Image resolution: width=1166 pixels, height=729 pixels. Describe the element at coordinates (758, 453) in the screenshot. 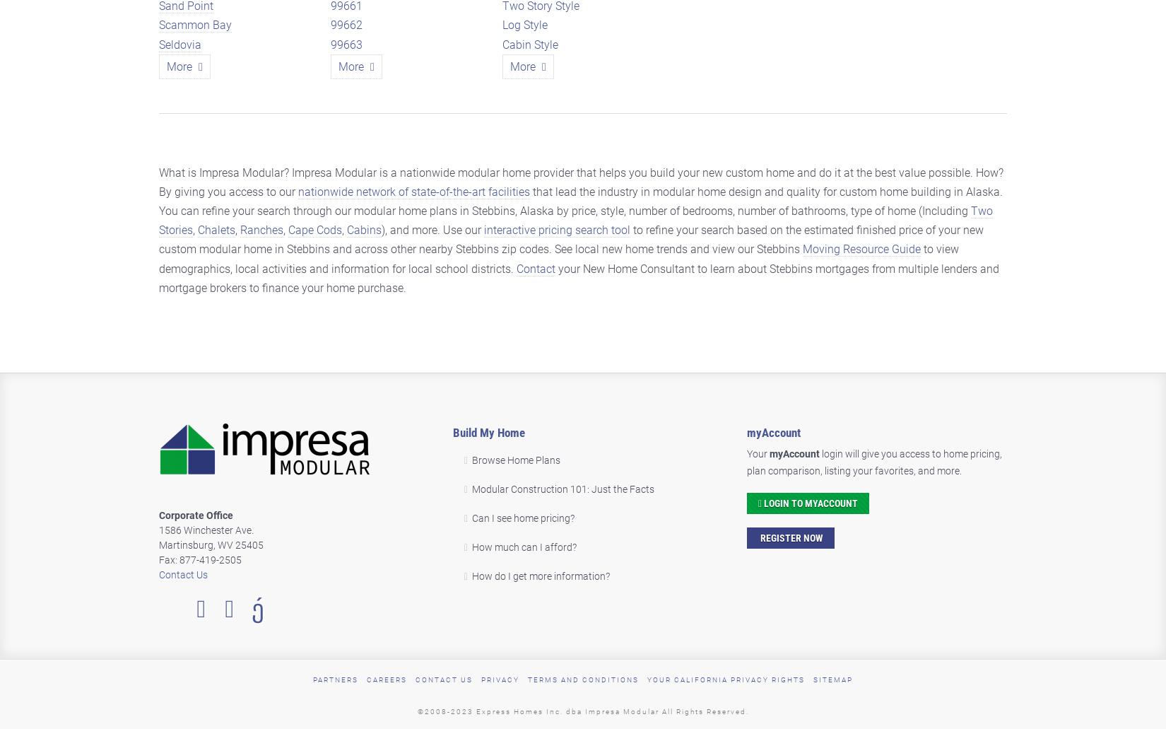

I see `'Your'` at that location.